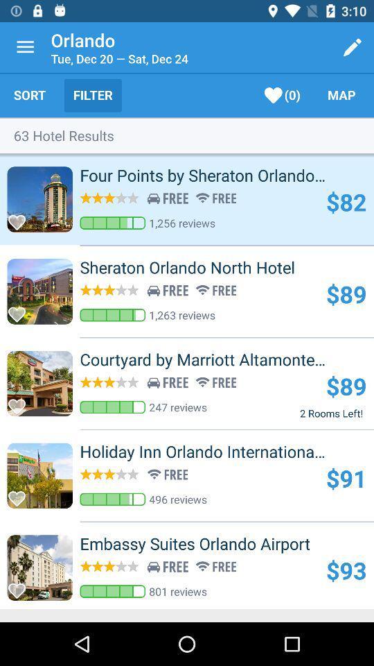 This screenshot has width=374, height=666. Describe the element at coordinates (20, 586) in the screenshot. I see `mark as favorite` at that location.